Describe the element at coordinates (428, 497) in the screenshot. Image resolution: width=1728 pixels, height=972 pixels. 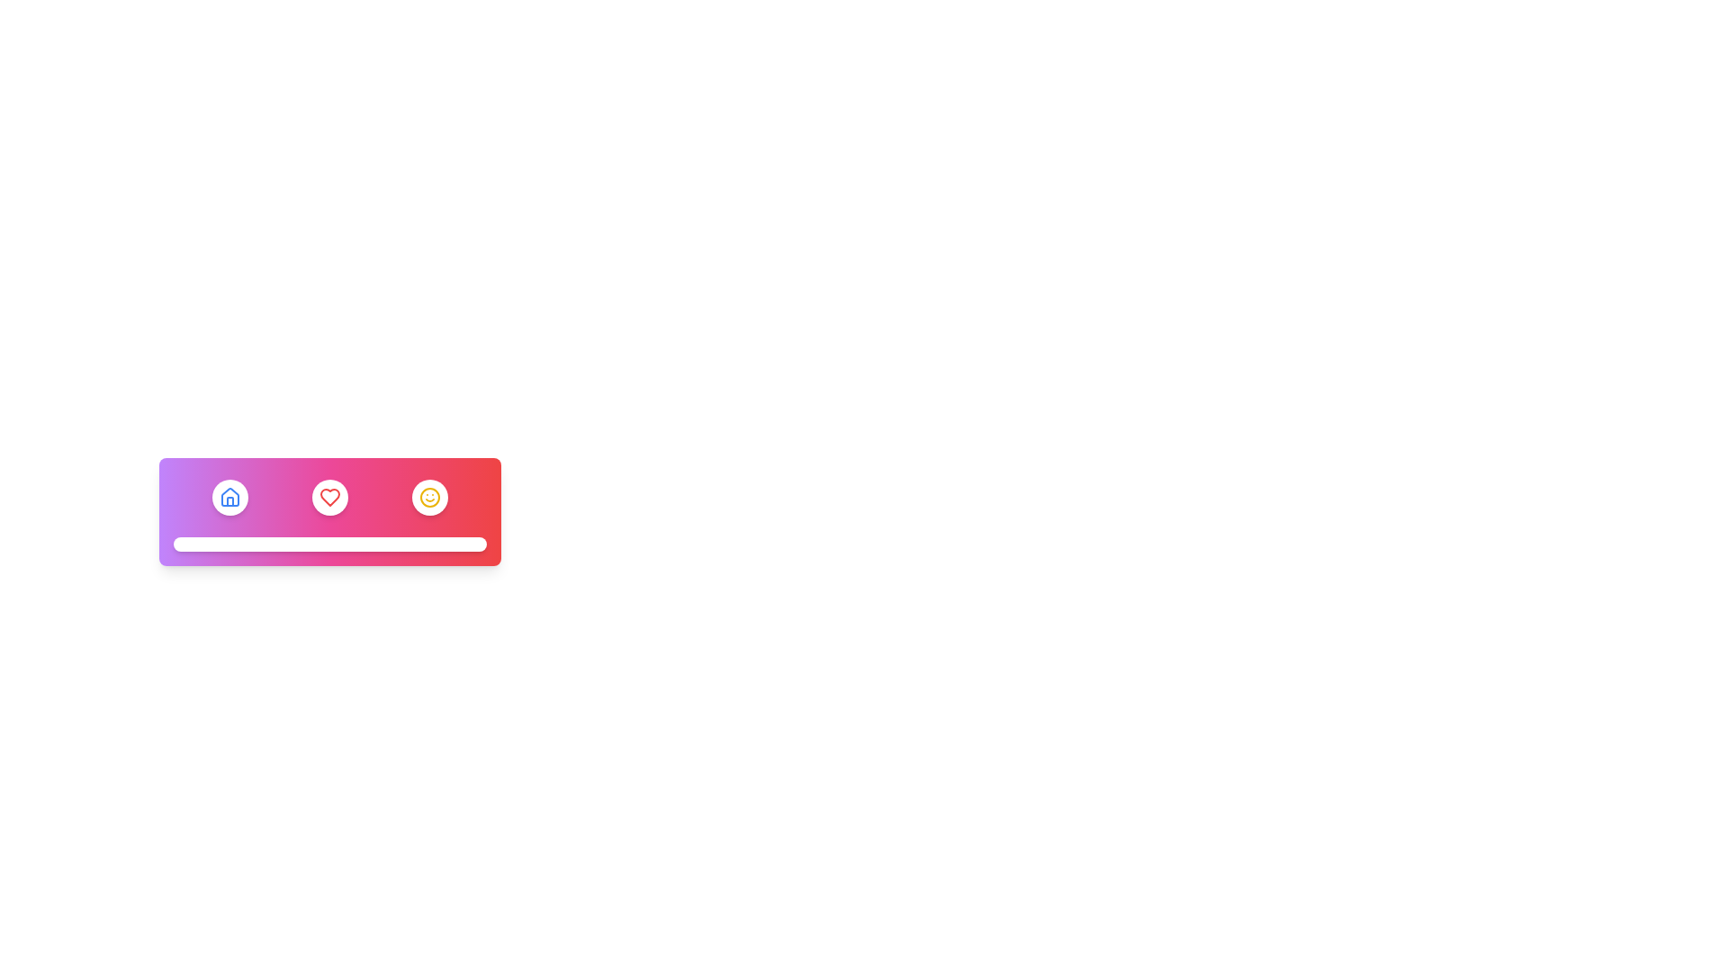
I see `the circular graphical element that forms the outer boundary of the smiley face icon, which is styled in yellow and located at the far-right of the navigation bar` at that location.